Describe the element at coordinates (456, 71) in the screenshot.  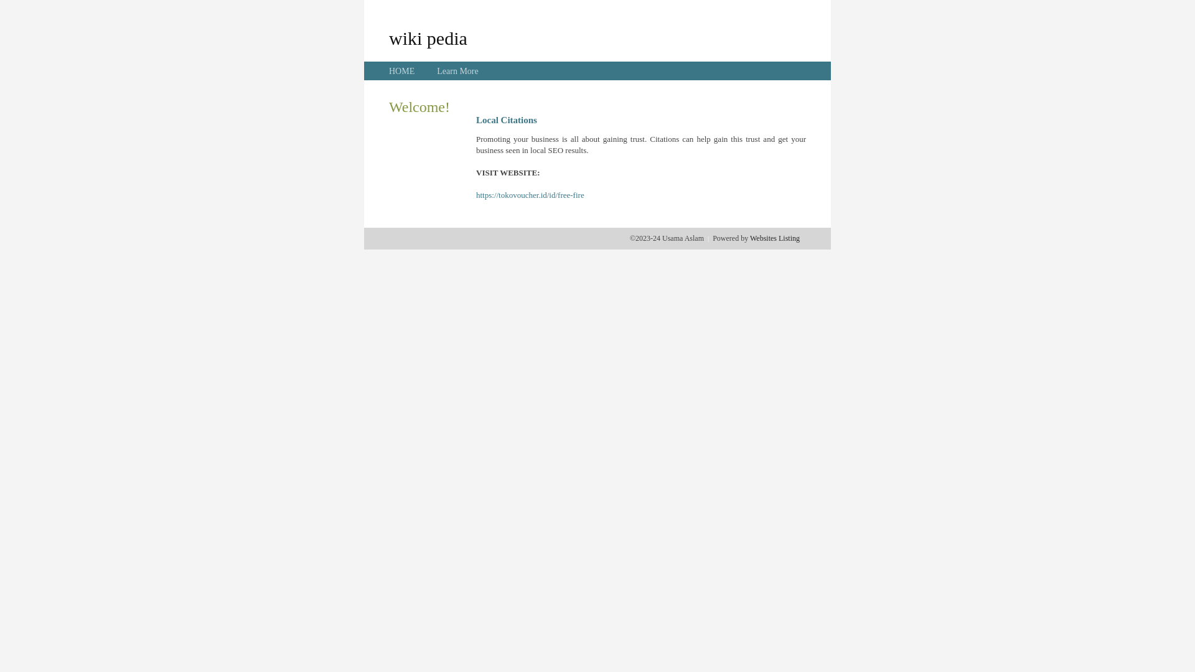
I see `'Learn More'` at that location.